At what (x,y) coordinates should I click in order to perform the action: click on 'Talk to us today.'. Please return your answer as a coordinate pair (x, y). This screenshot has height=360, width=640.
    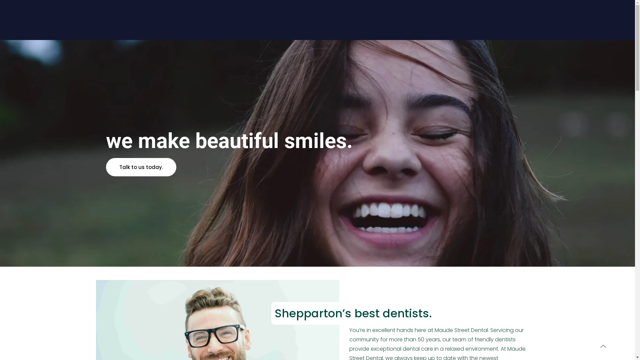
    Looking at the image, I should click on (141, 167).